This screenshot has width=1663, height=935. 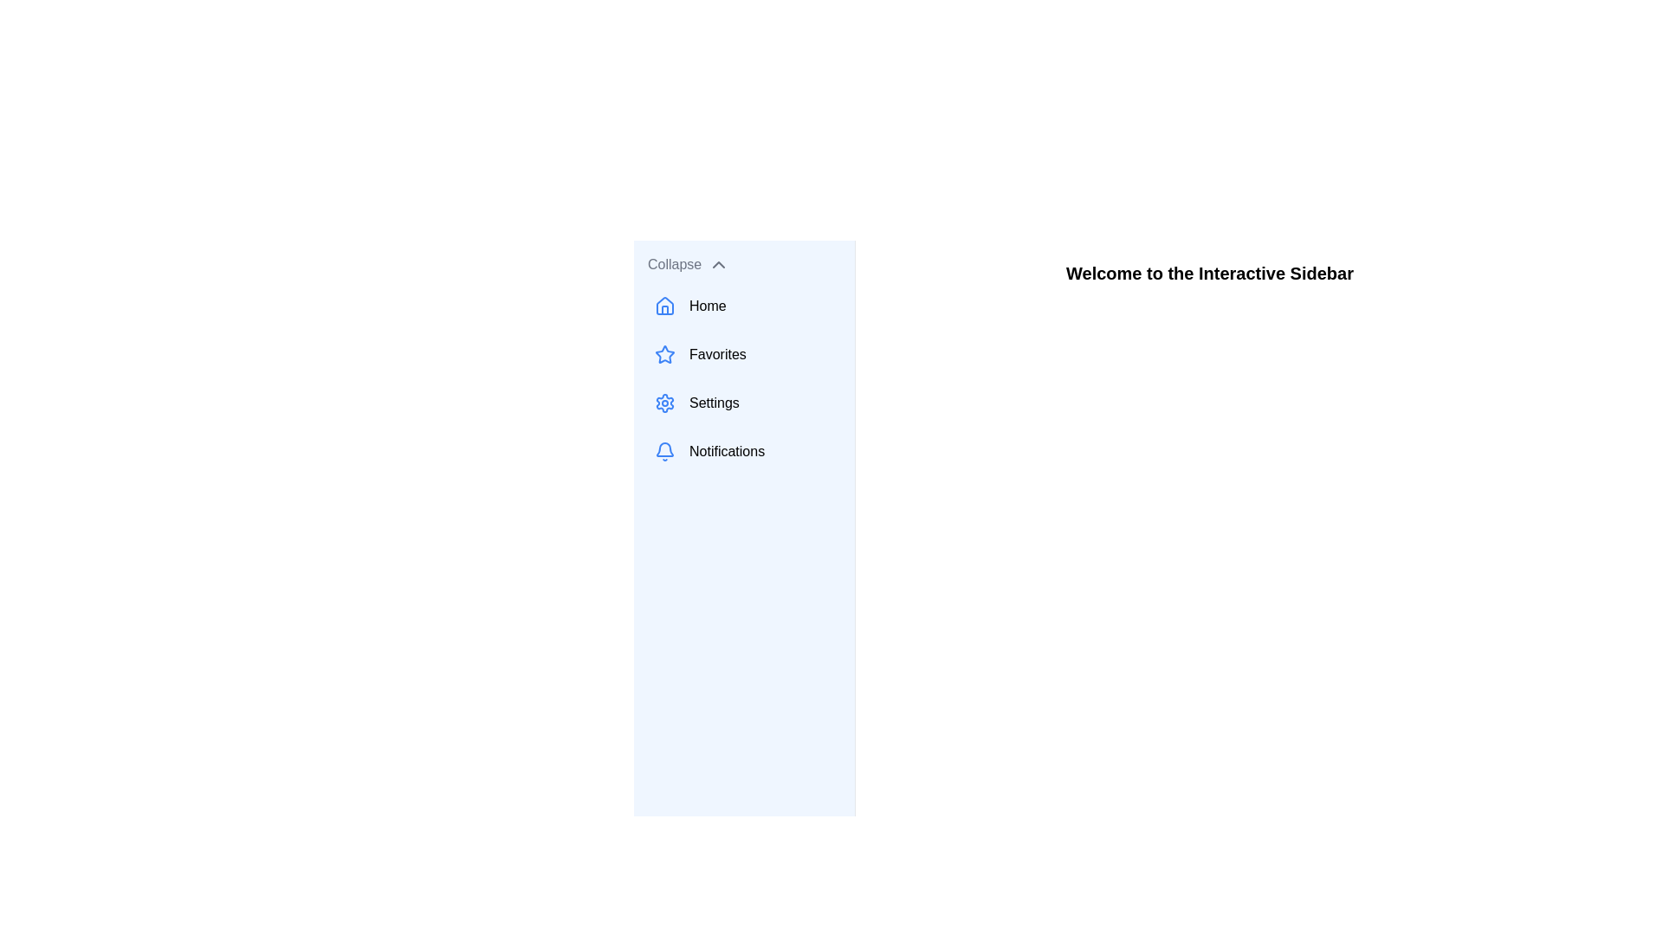 What do you see at coordinates (664, 306) in the screenshot?
I see `the 'Home' navigation icon located at the top-left of the sidebar, serving as a visual cue for the menu item` at bounding box center [664, 306].